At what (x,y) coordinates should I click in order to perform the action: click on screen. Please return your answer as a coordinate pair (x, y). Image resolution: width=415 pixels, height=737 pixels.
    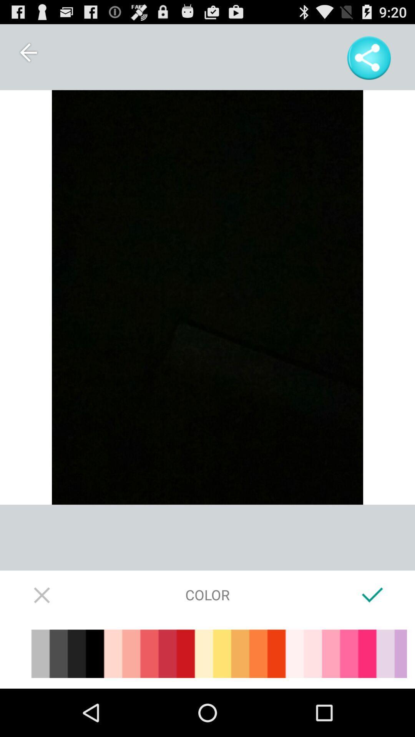
    Looking at the image, I should click on (42, 594).